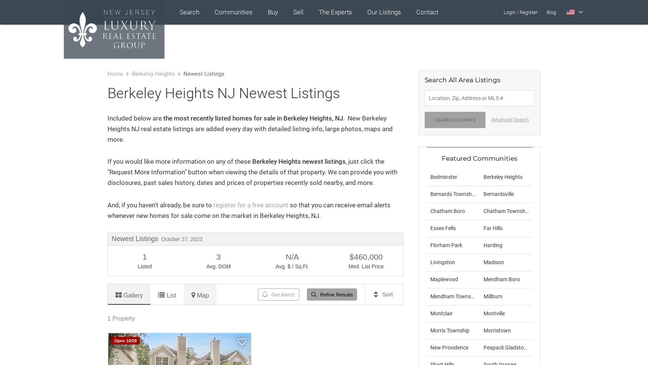  What do you see at coordinates (248, 210) in the screenshot?
I see `'so that you can receive email alerts whenever new homes for sale'` at bounding box center [248, 210].